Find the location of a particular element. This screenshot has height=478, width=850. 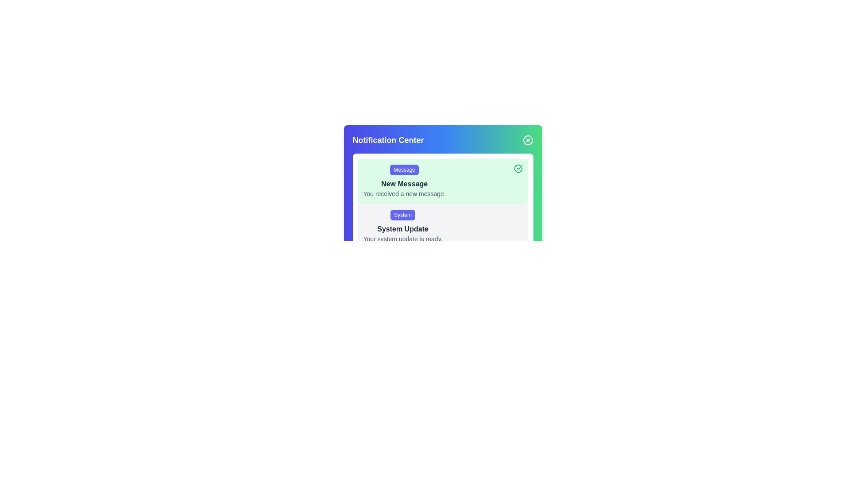

the Notification Card displaying a new message, located at the top of the Notification Center interface is located at coordinates (443, 181).